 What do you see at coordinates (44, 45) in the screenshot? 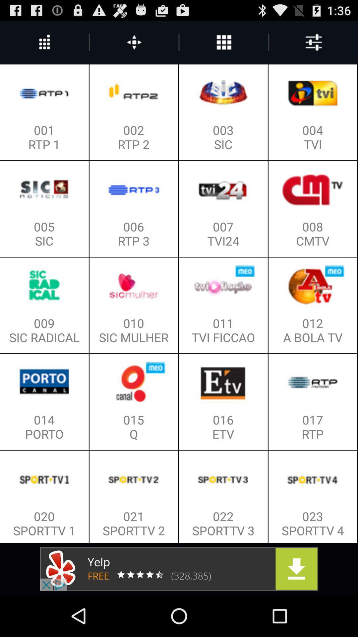
I see `the more icon` at bounding box center [44, 45].